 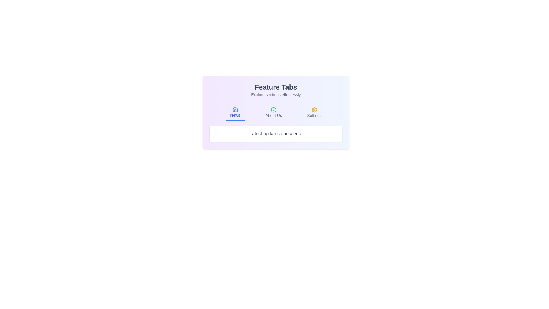 I want to click on the tab labeled About Us, so click(x=273, y=112).